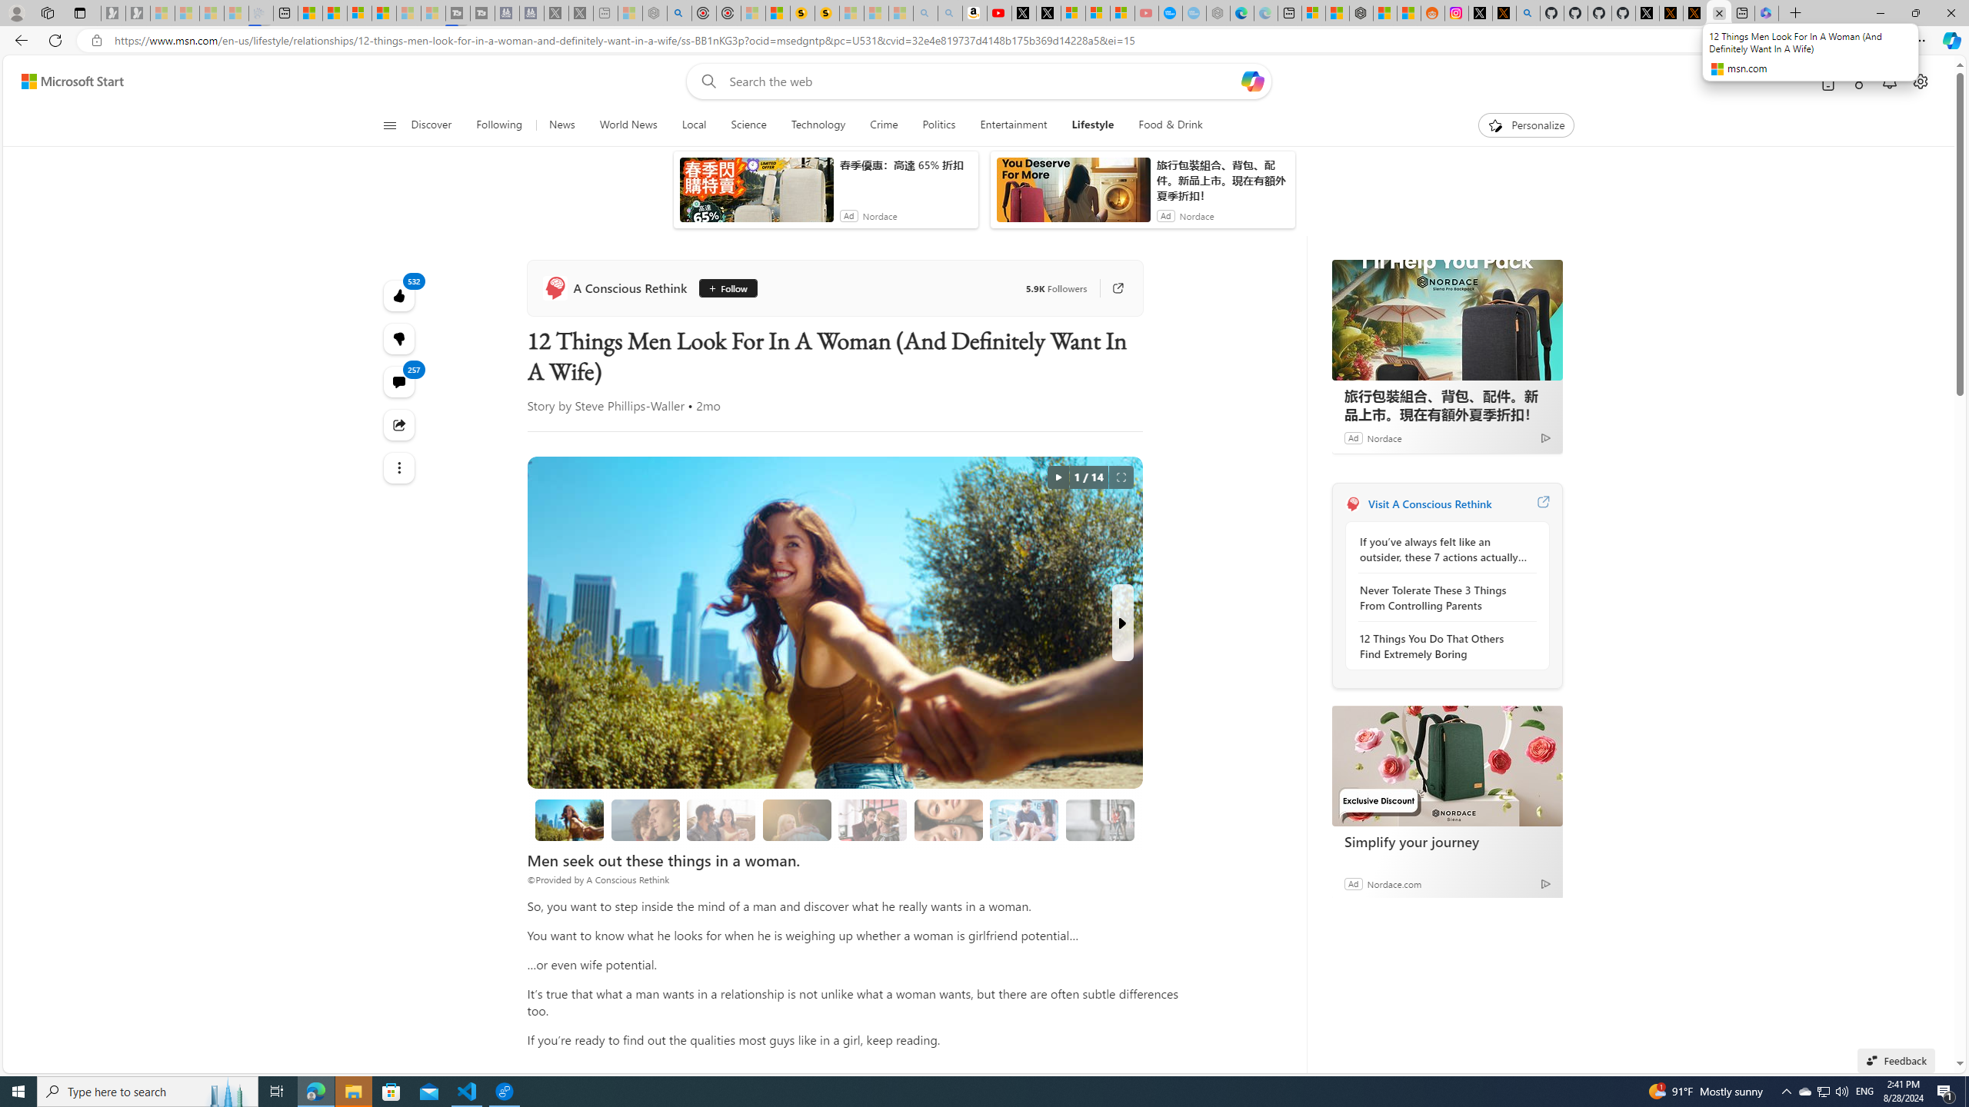 This screenshot has width=1969, height=1107. What do you see at coordinates (398, 294) in the screenshot?
I see `'532 Like'` at bounding box center [398, 294].